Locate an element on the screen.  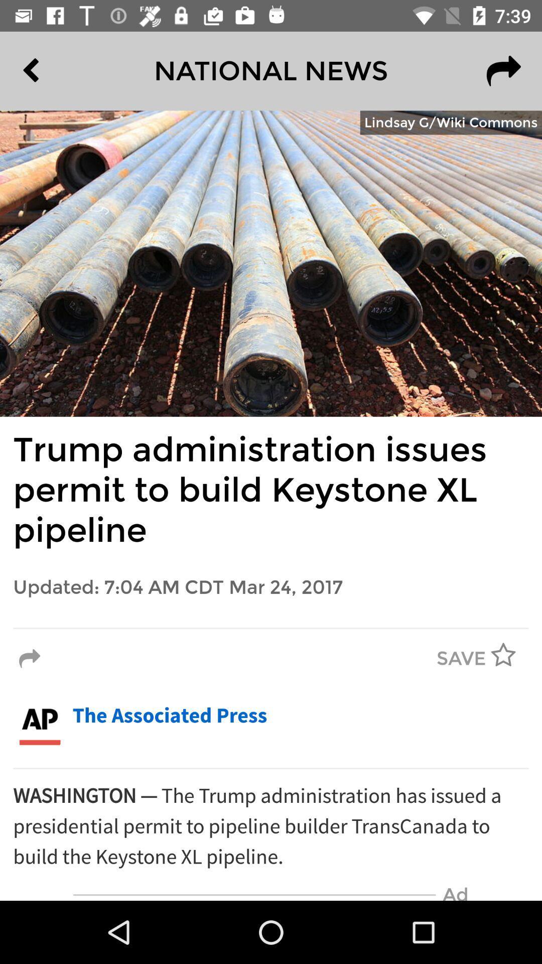
updated 7 04 item is located at coordinates (271, 587).